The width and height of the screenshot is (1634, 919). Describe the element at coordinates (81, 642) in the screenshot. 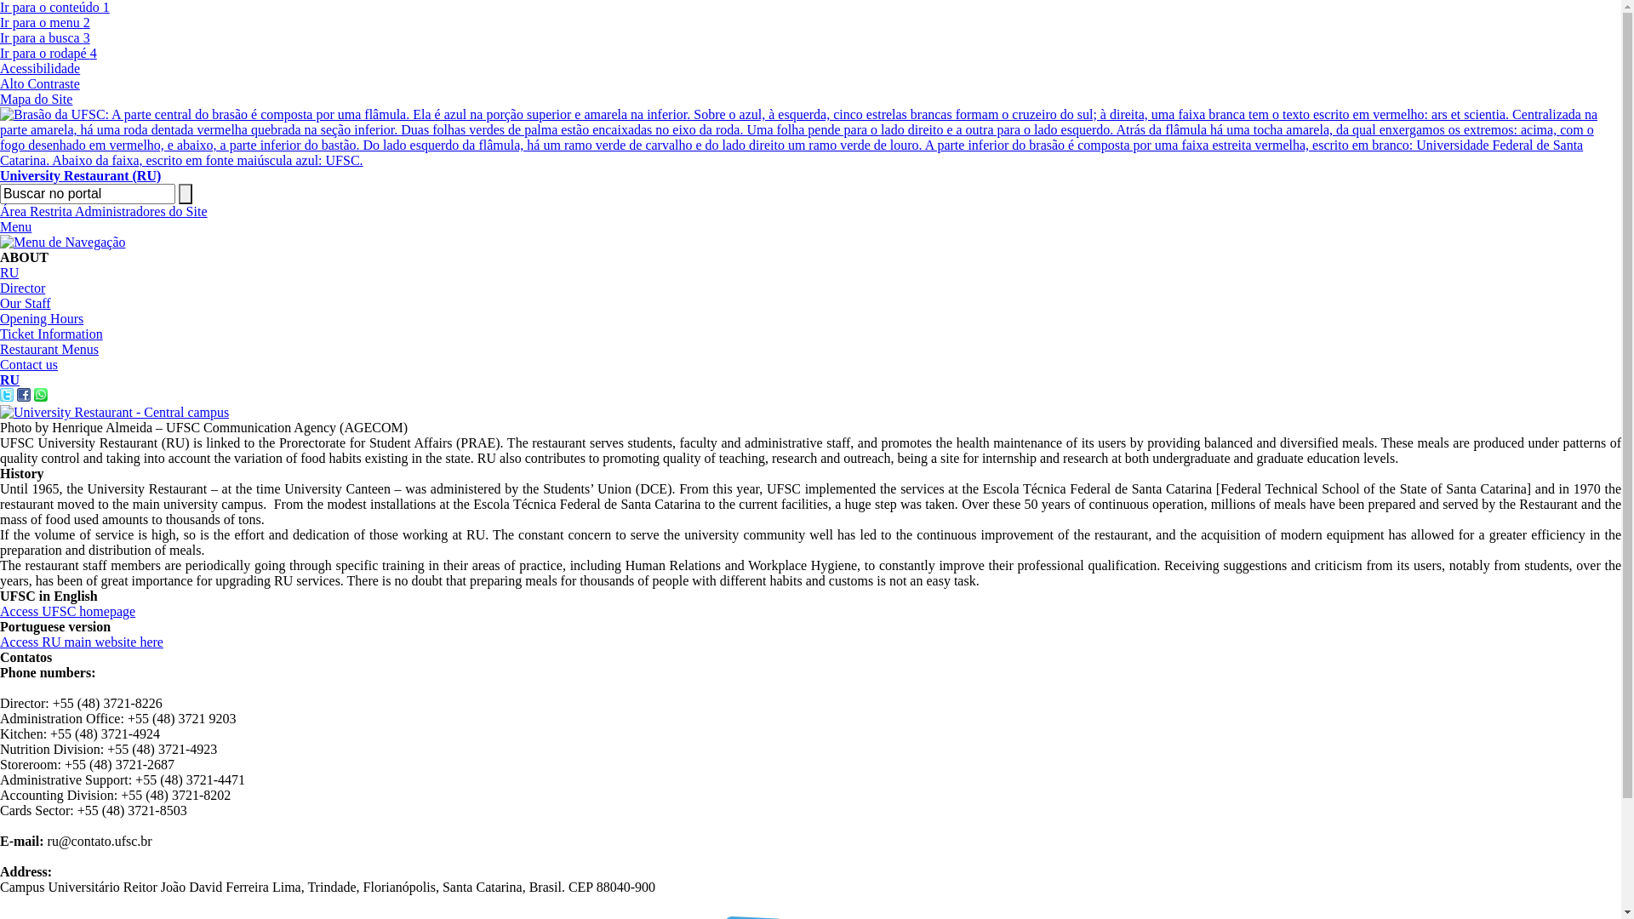

I see `'Access RU main website here'` at that location.